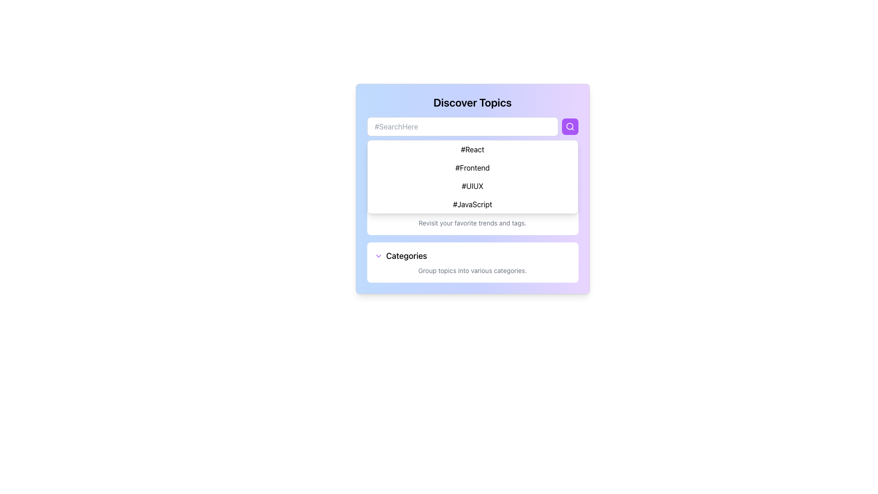 This screenshot has height=494, width=878. What do you see at coordinates (472, 186) in the screenshot?
I see `the text label displaying the tag '#UIUX'` at bounding box center [472, 186].